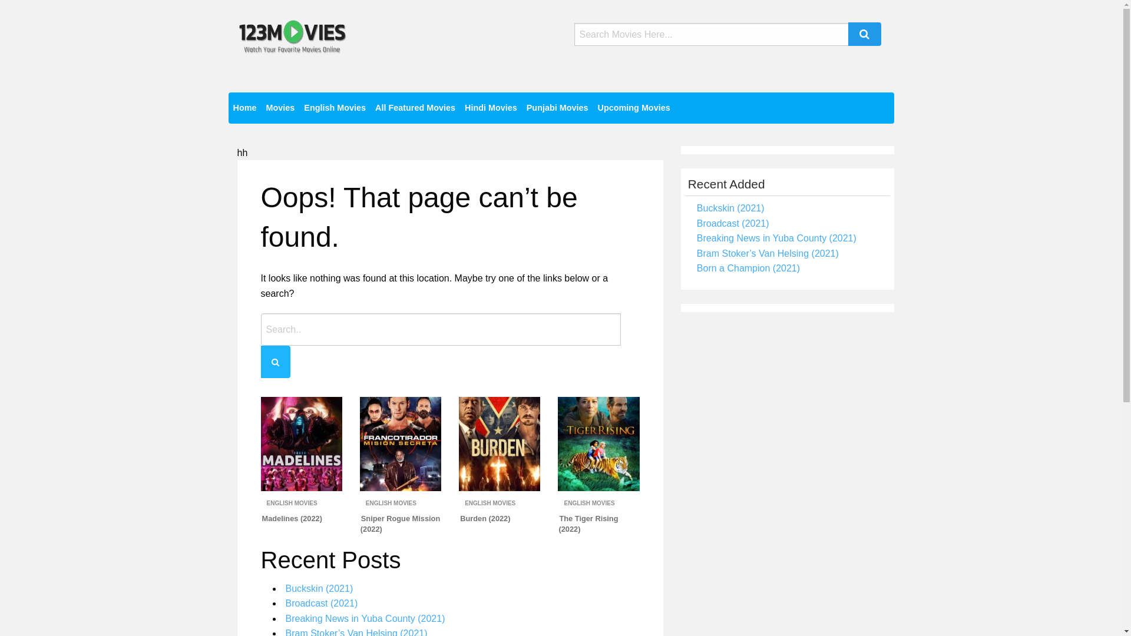 This screenshot has height=636, width=1131. What do you see at coordinates (400, 523) in the screenshot?
I see `'Sniper Rogue Mission (2022)'` at bounding box center [400, 523].